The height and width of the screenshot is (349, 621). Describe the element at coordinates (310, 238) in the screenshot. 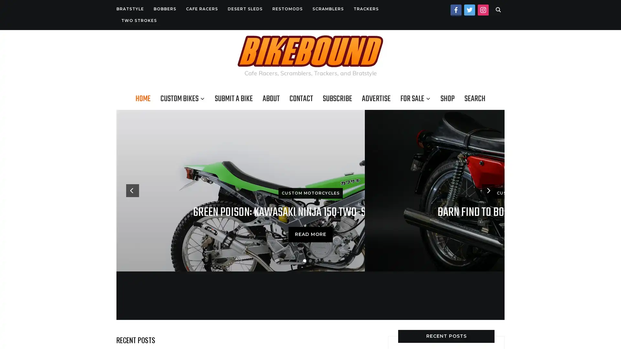

I see `JOIN US` at that location.